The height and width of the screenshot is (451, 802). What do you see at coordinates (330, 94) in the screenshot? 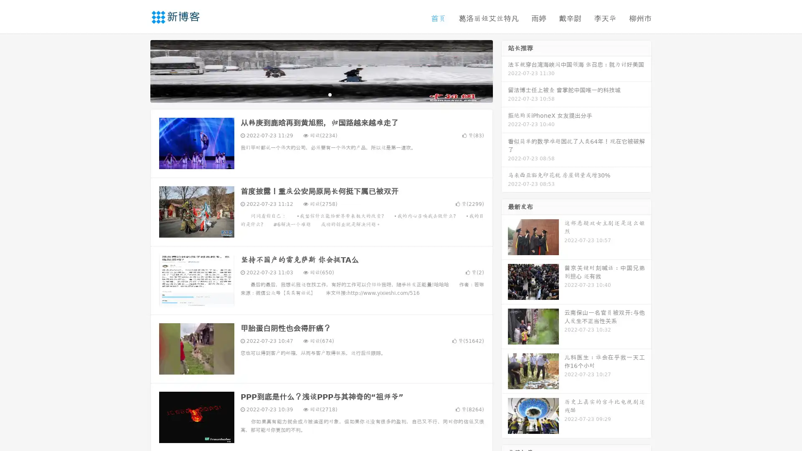
I see `Go to slide 3` at bounding box center [330, 94].